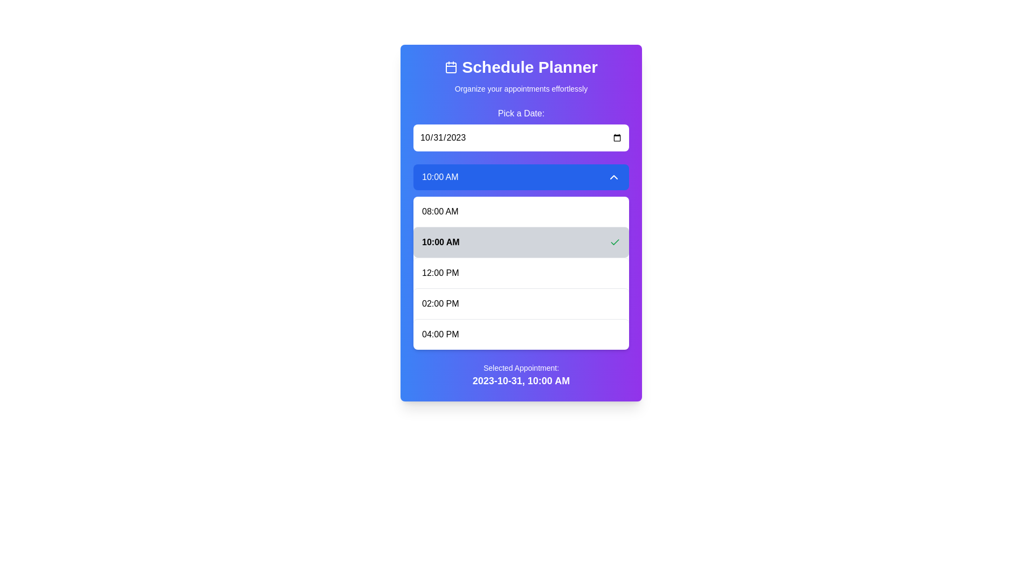 Image resolution: width=1035 pixels, height=582 pixels. What do you see at coordinates (521, 257) in the screenshot?
I see `the menu option that indicates the selected appointment time of '10:00 AM' in the dropdown menu` at bounding box center [521, 257].